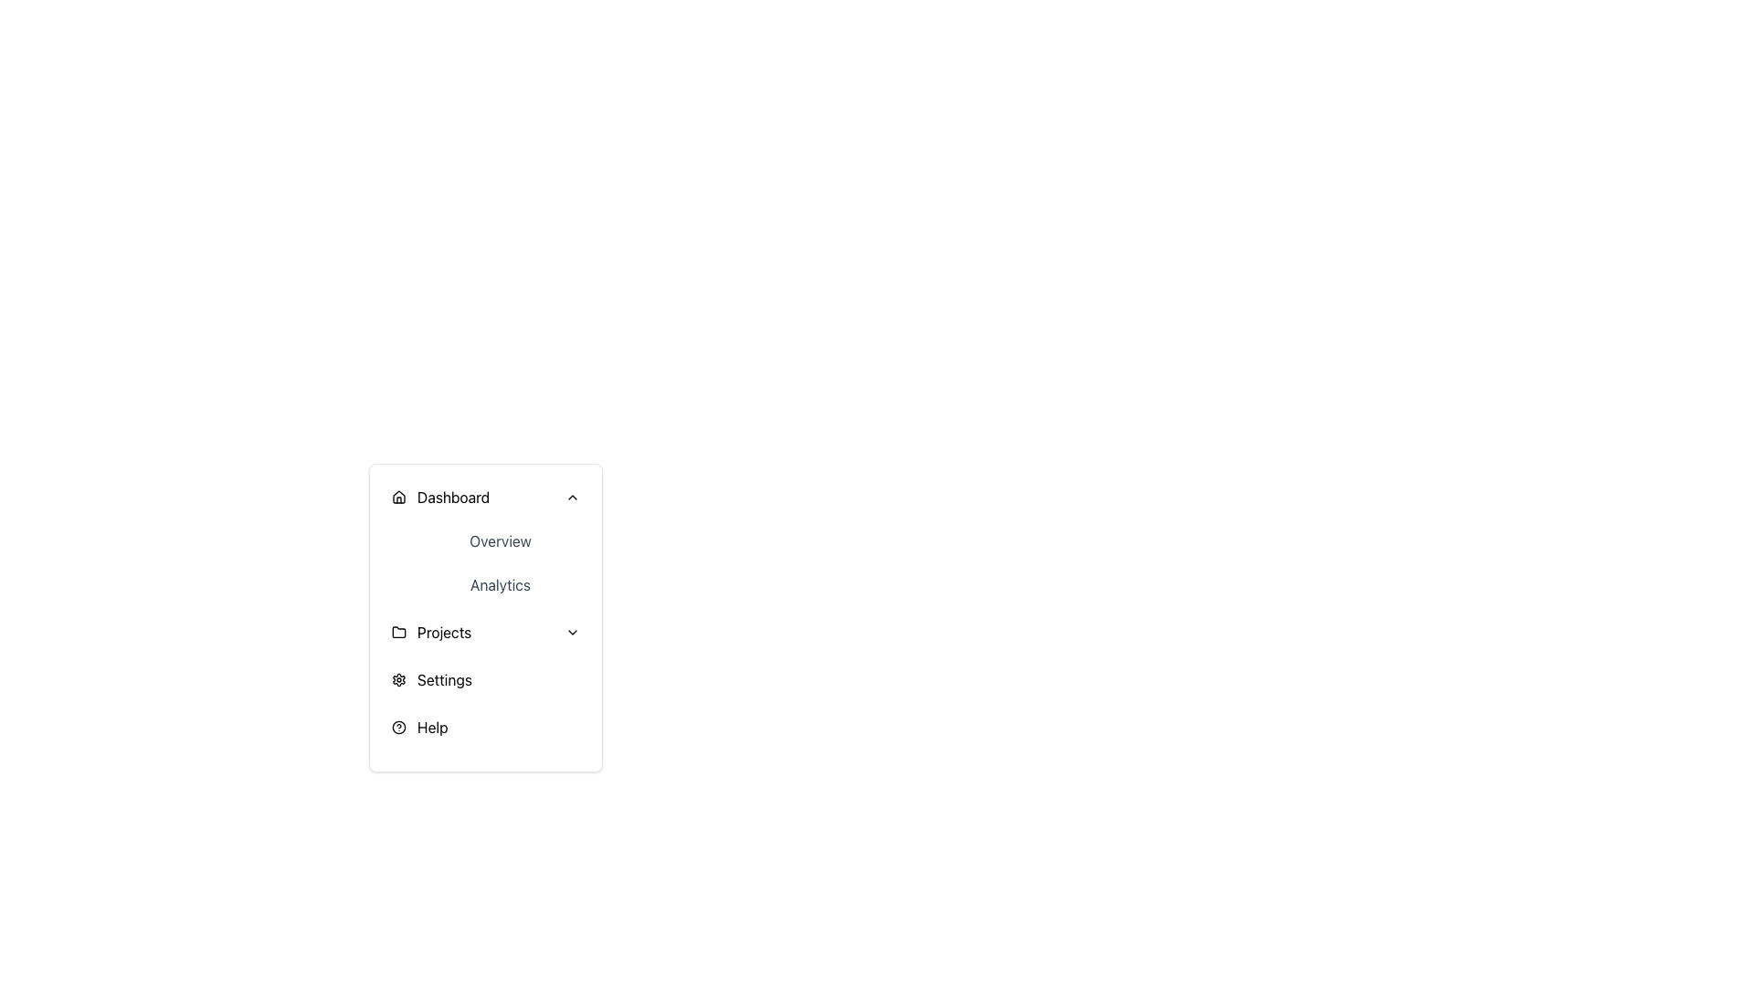  I want to click on the circular graphical element within the help icon located next to the 'Help' label in the bottom section of the menu, so click(397, 727).